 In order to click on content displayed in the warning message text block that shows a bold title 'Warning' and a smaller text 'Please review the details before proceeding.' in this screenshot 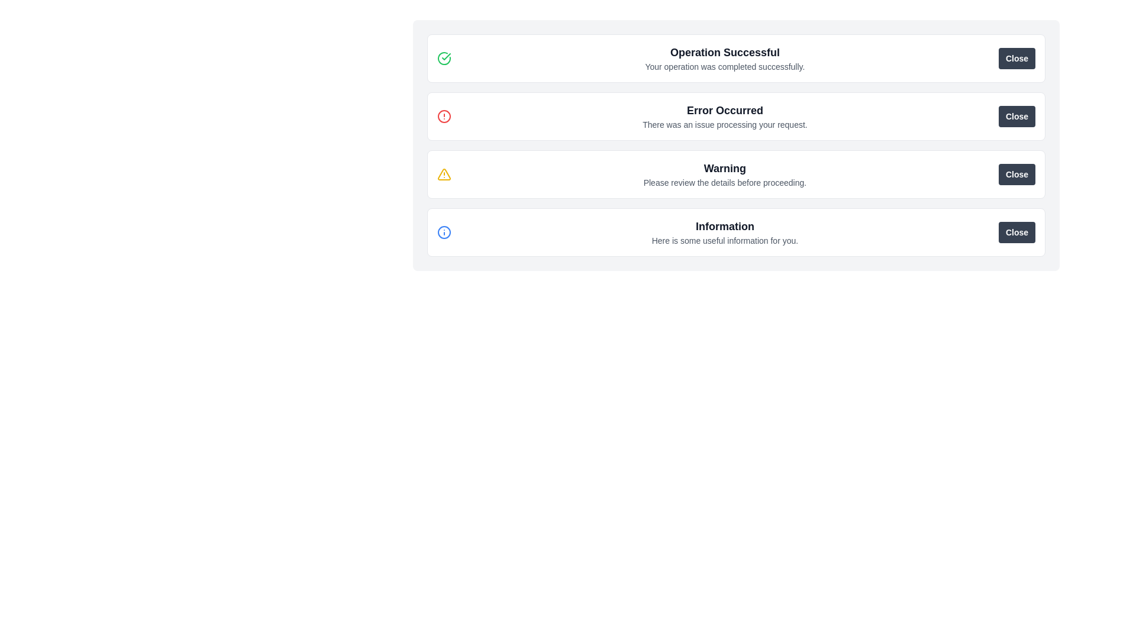, I will do `click(724, 174)`.